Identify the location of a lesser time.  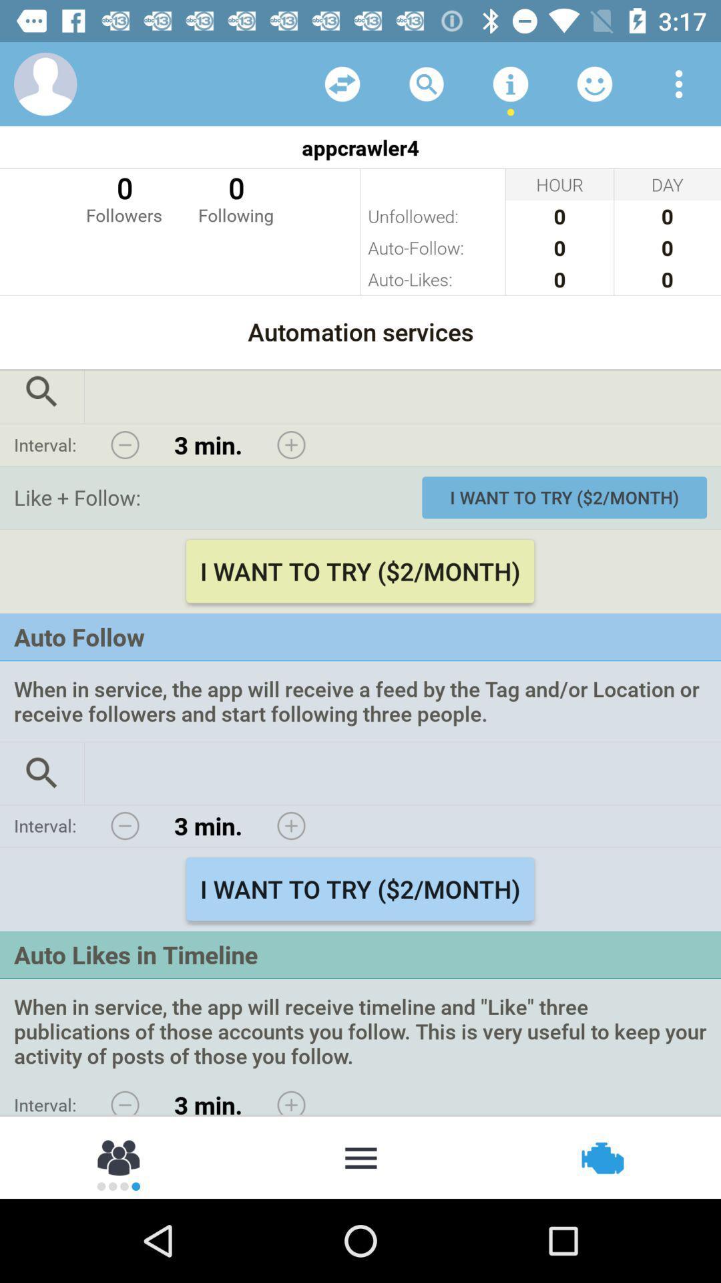
(125, 825).